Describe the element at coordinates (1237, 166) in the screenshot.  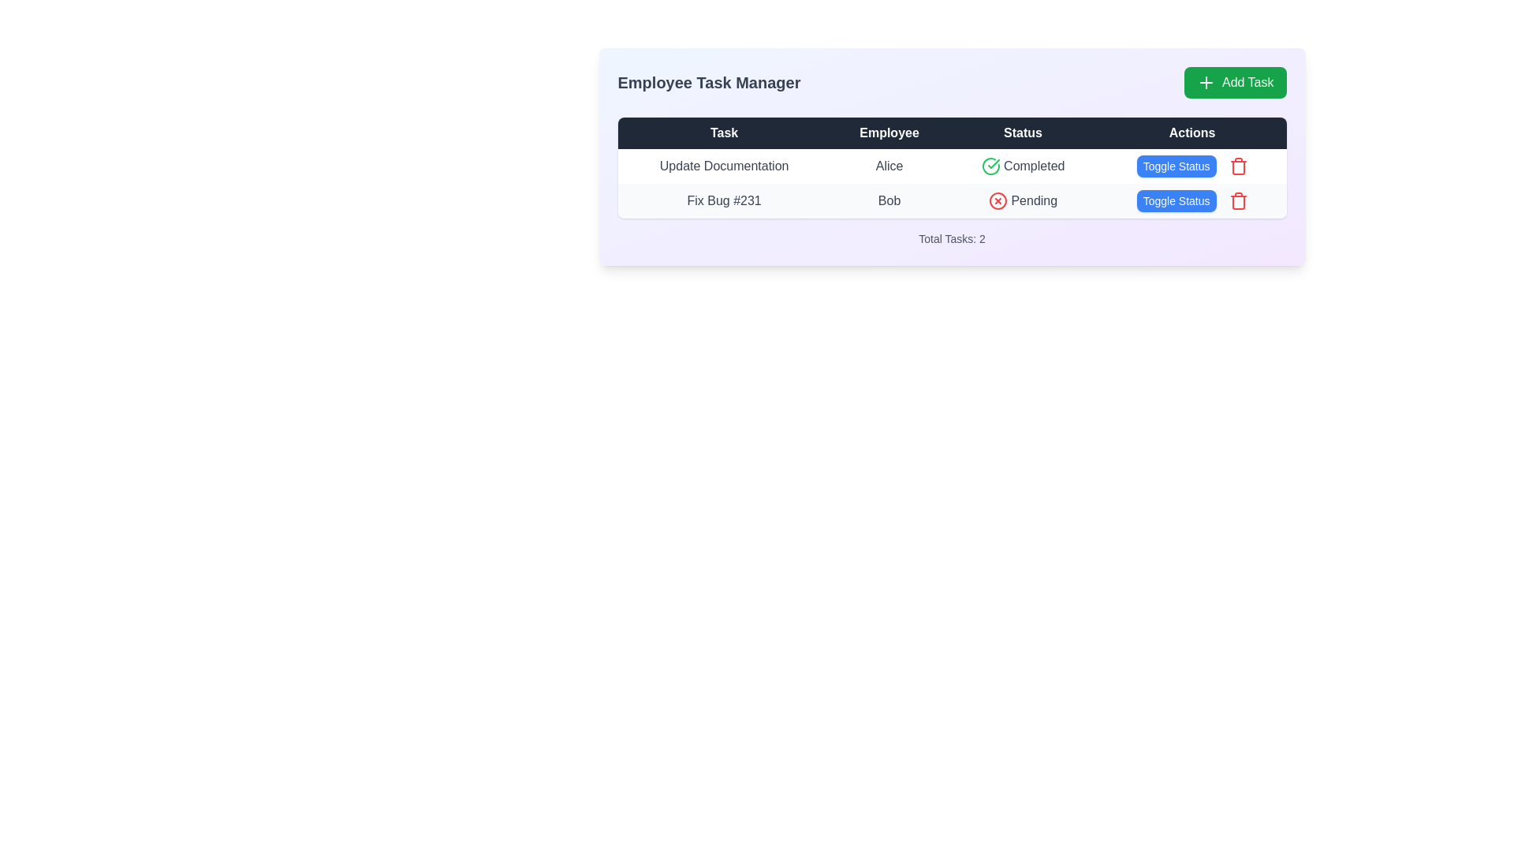
I see `the red trash can icon representing the delete button located in the 'Actions' column, to the right of the 'Toggle Status' button, to trigger any potential visual effects` at that location.